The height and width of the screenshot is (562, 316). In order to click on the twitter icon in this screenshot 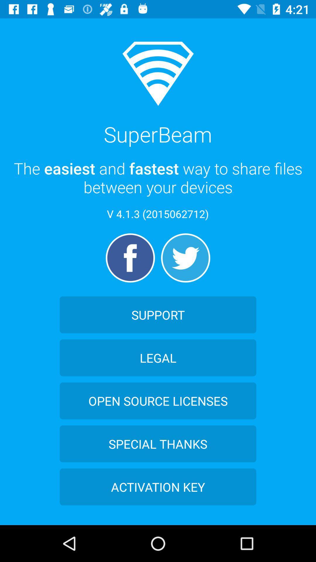, I will do `click(186, 258)`.